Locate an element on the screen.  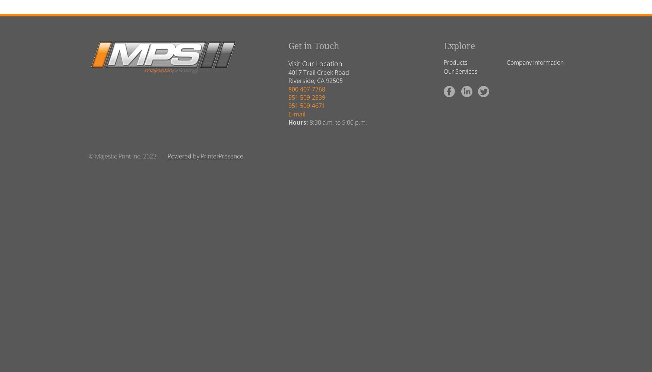
'Hours:' is located at coordinates (298, 122).